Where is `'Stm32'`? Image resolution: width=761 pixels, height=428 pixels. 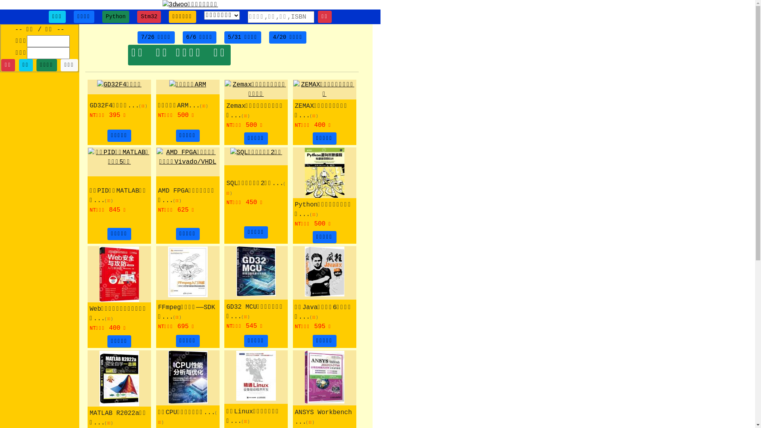 'Stm32' is located at coordinates (149, 17).